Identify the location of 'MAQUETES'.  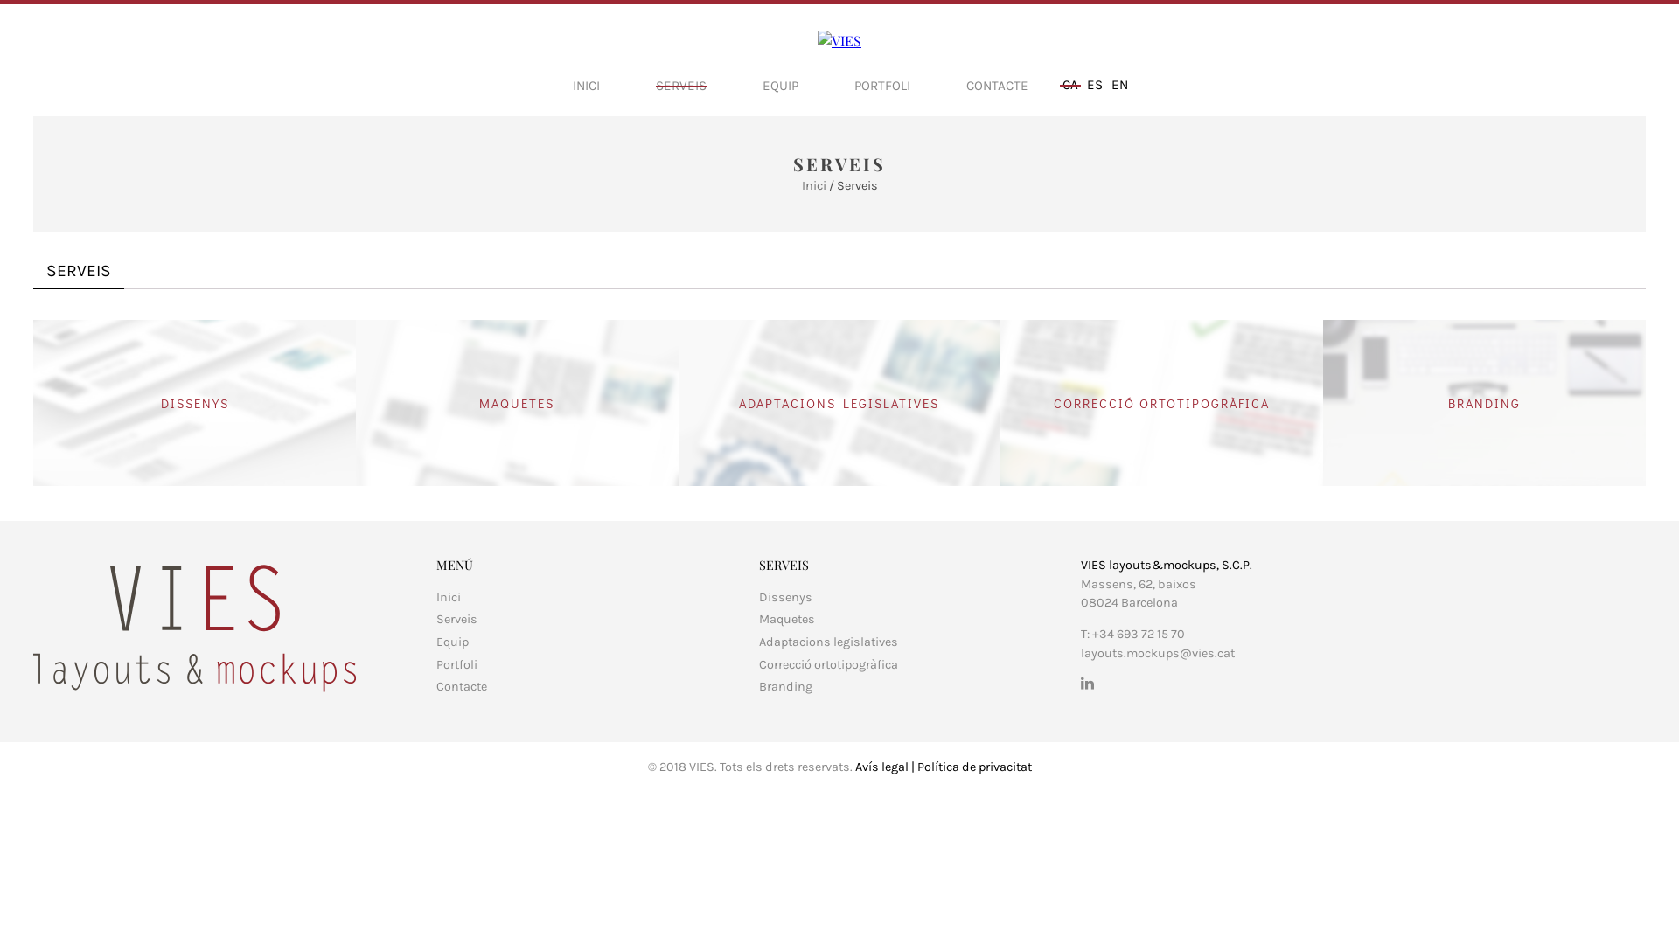
(516, 403).